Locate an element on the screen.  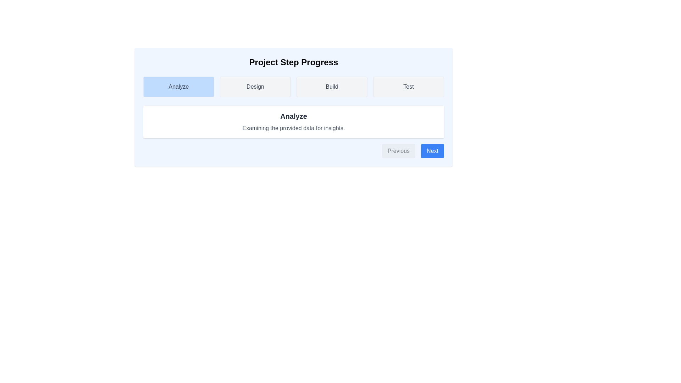
the fourth button in the horizontal grid layout, associated with the 'Test' phase, to observe any hover effects is located at coordinates (409, 87).